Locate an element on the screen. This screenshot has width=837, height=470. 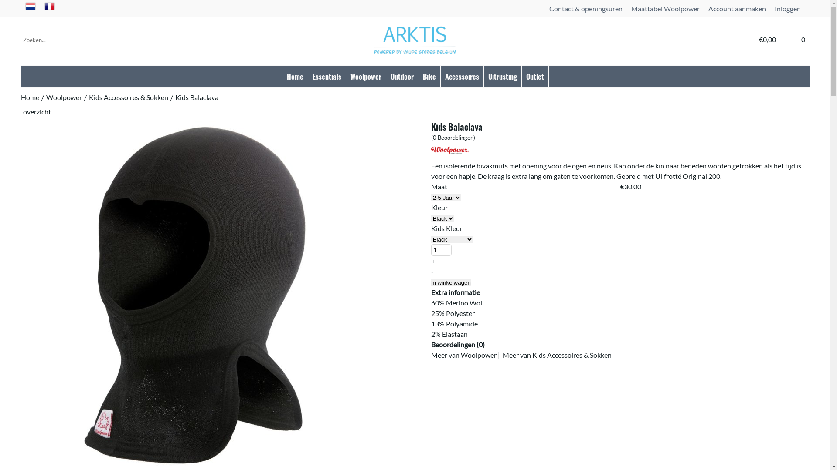
'Outlet' is located at coordinates (534, 76).